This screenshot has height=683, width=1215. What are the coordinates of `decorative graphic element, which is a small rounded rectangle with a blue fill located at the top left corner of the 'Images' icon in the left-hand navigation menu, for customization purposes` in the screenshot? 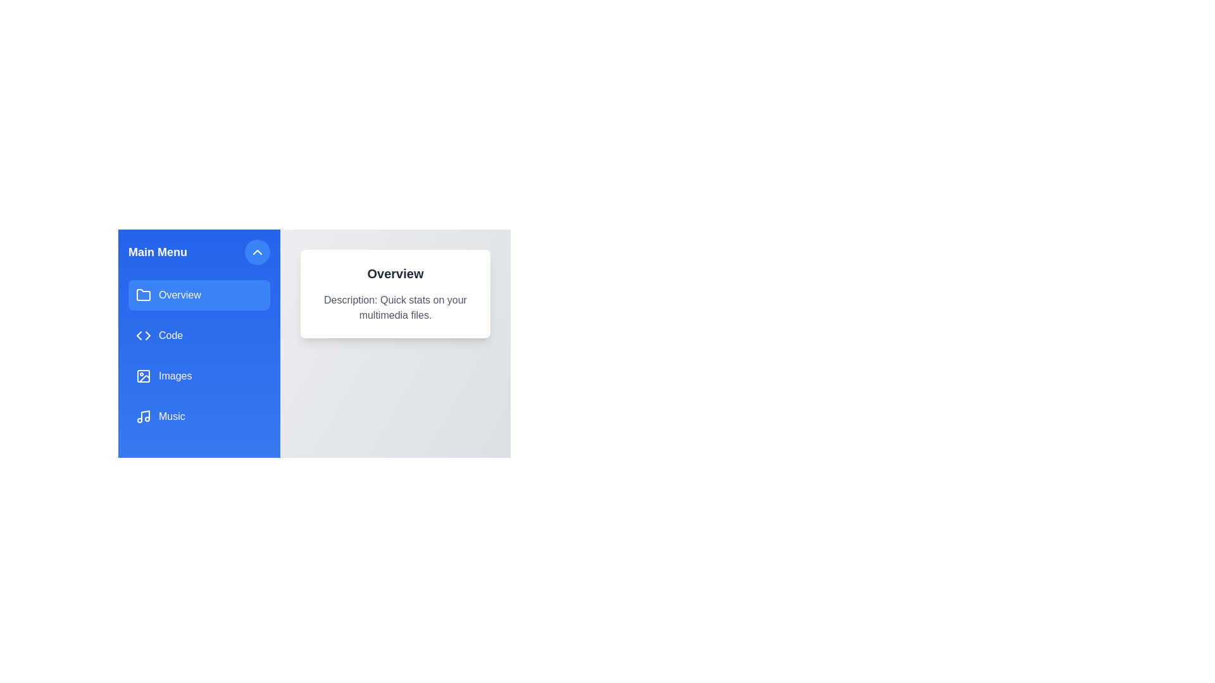 It's located at (143, 375).